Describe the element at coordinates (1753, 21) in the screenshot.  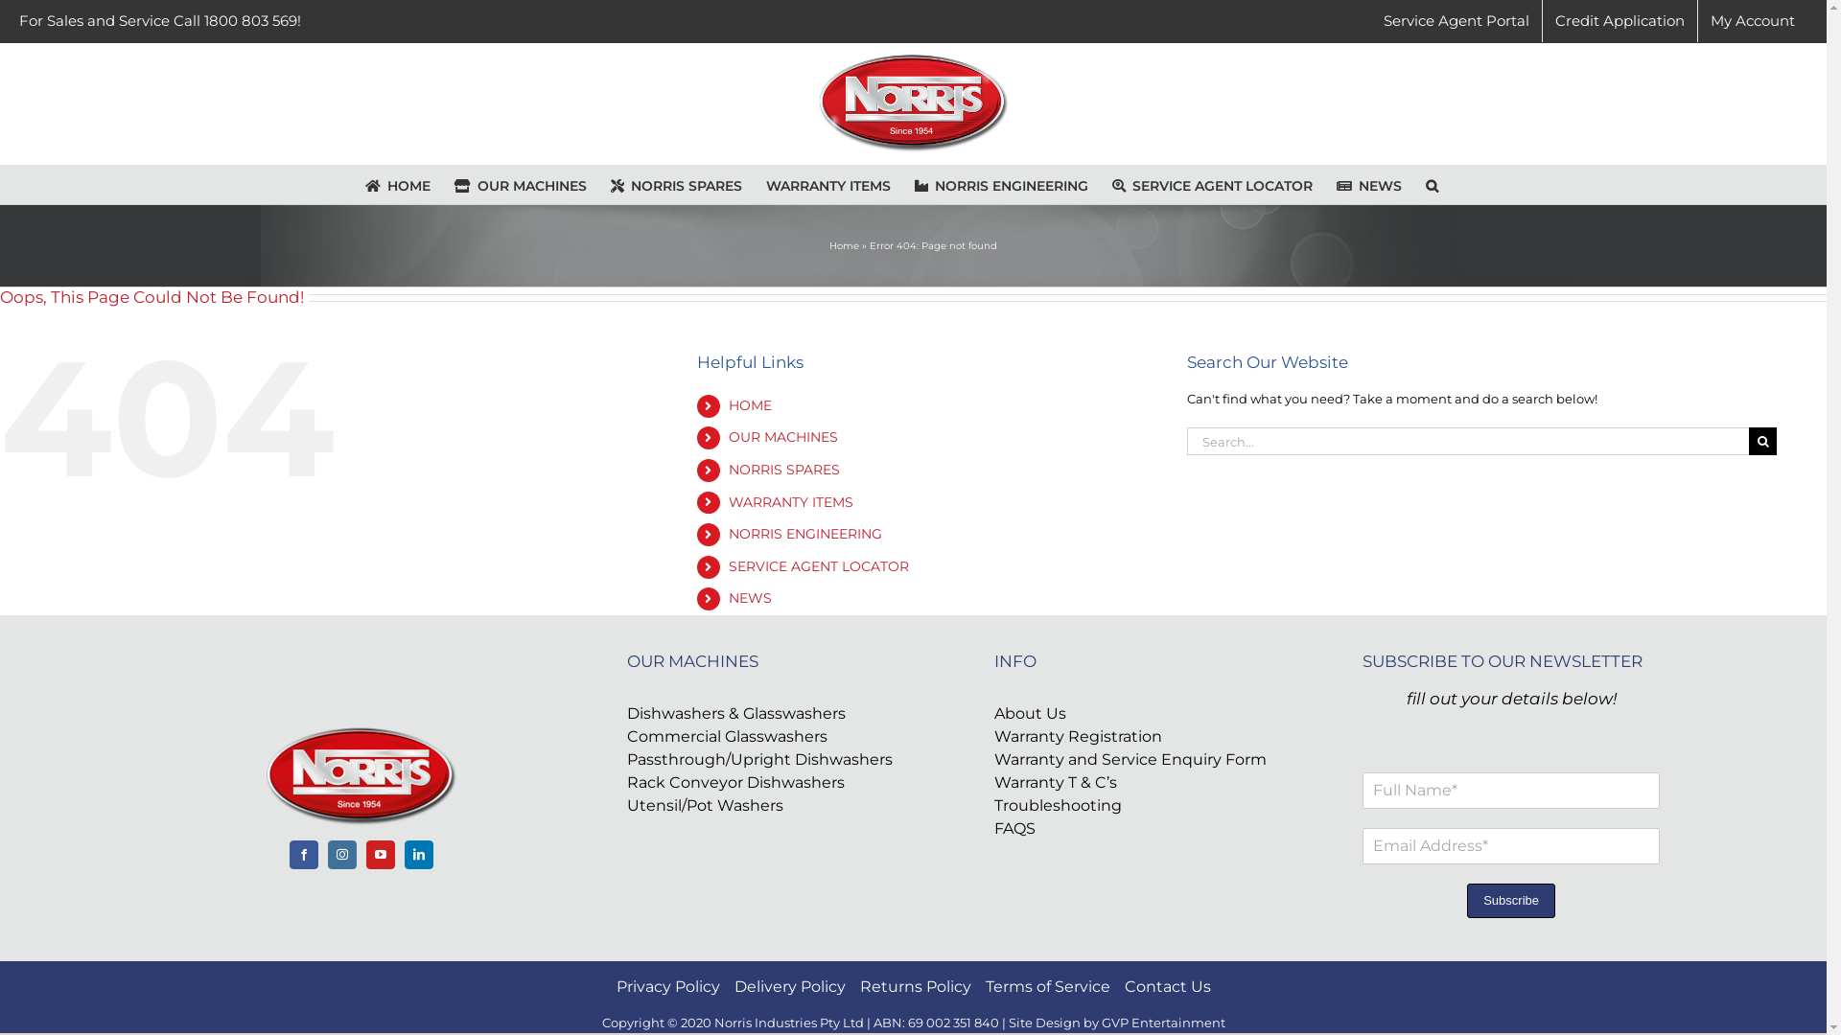
I see `'My Account'` at that location.